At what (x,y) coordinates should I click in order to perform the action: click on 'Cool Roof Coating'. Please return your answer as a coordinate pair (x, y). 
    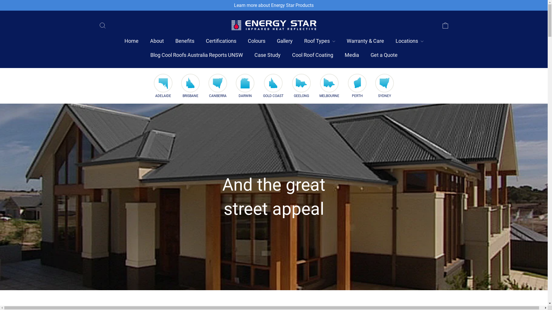
    Looking at the image, I should click on (312, 55).